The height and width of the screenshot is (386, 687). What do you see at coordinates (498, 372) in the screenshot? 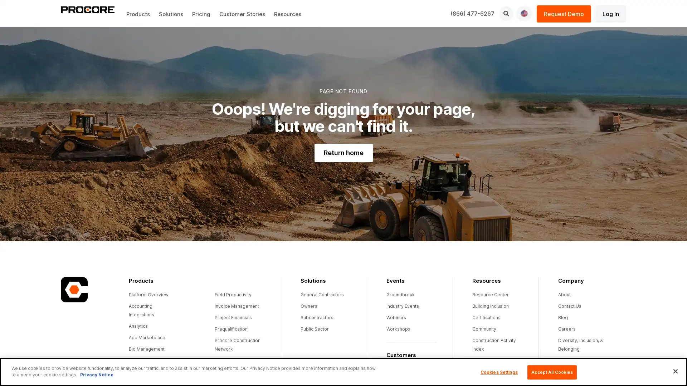
I see `Cookies Settings` at bounding box center [498, 372].